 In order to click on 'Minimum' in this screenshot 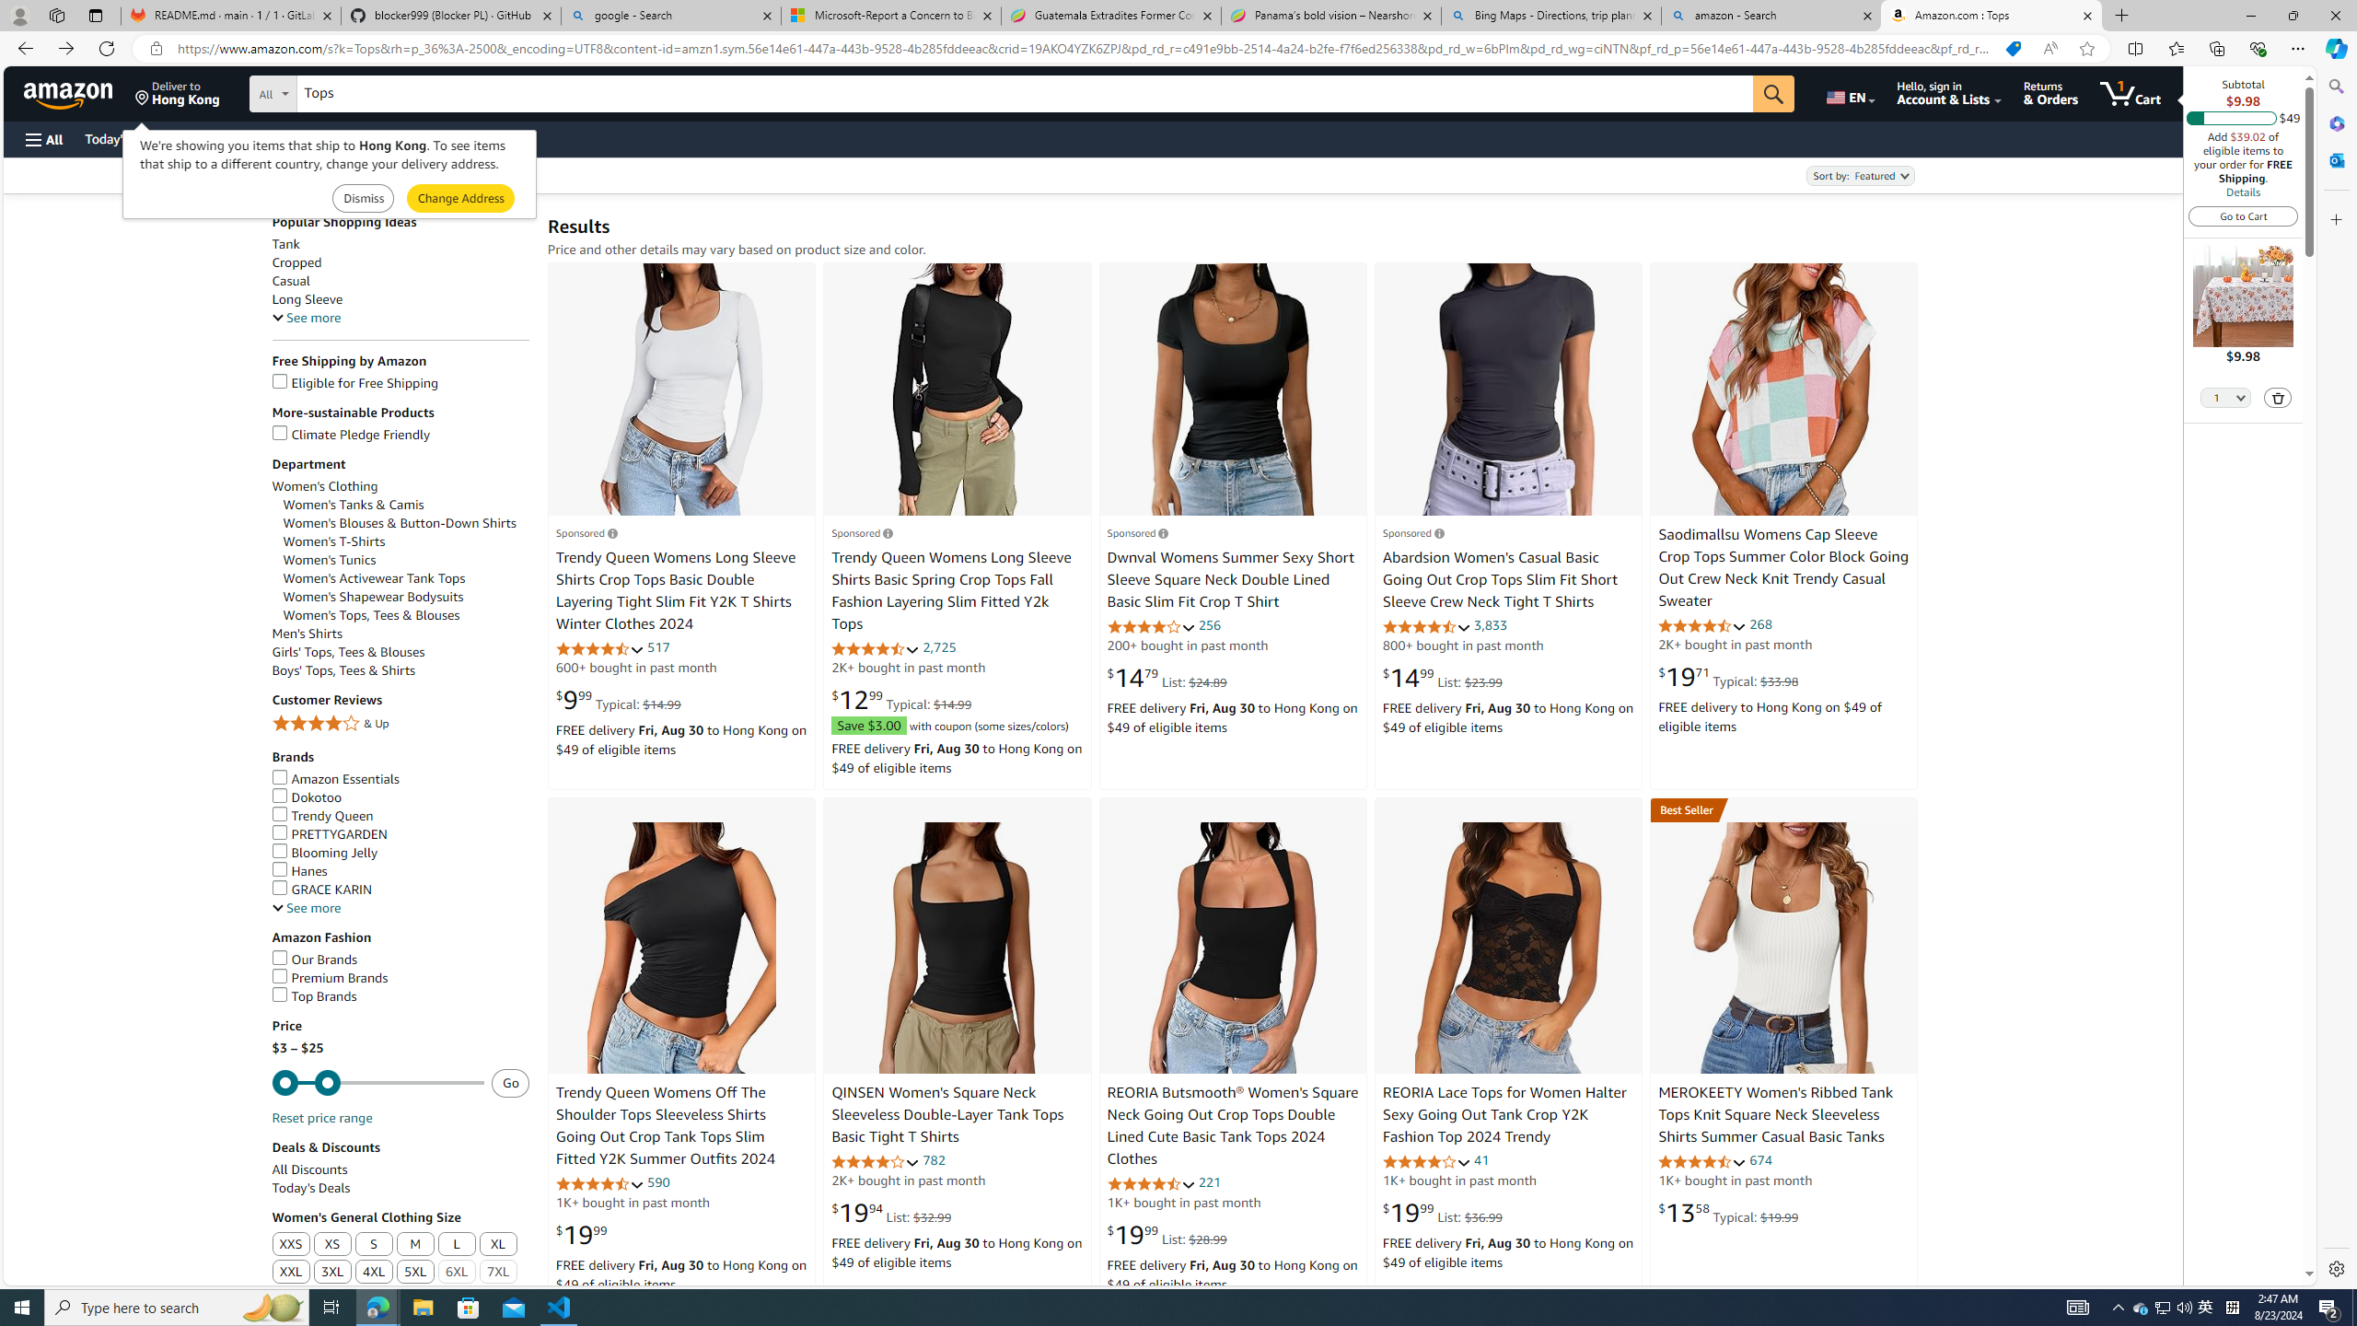, I will do `click(377, 1082)`.